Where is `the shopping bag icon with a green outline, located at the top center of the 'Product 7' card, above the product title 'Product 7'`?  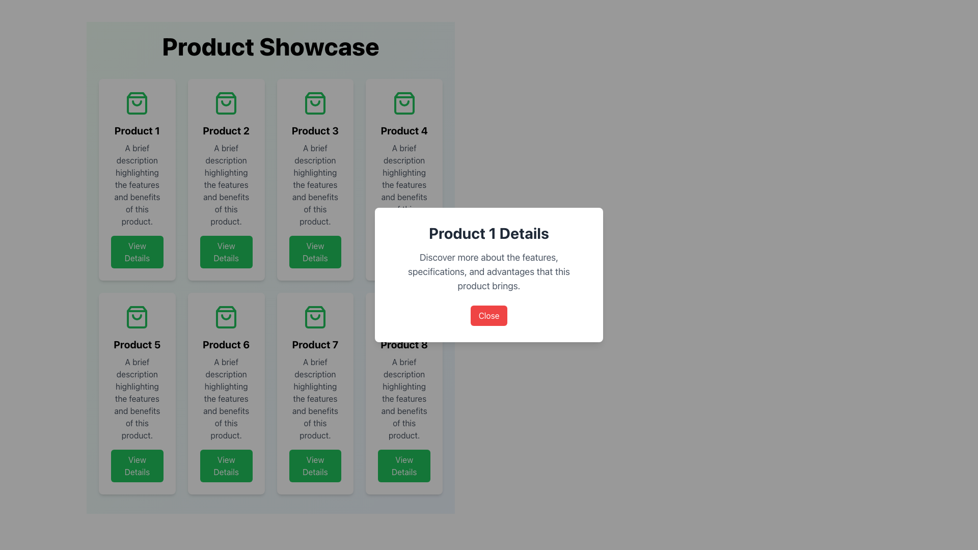 the shopping bag icon with a green outline, located at the top center of the 'Product 7' card, above the product title 'Product 7' is located at coordinates (314, 317).